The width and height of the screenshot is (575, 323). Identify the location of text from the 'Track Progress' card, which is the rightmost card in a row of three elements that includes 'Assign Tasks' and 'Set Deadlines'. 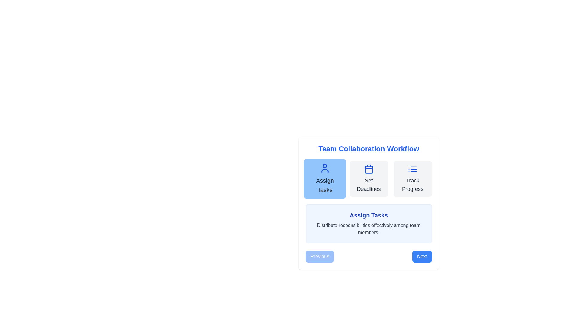
(412, 178).